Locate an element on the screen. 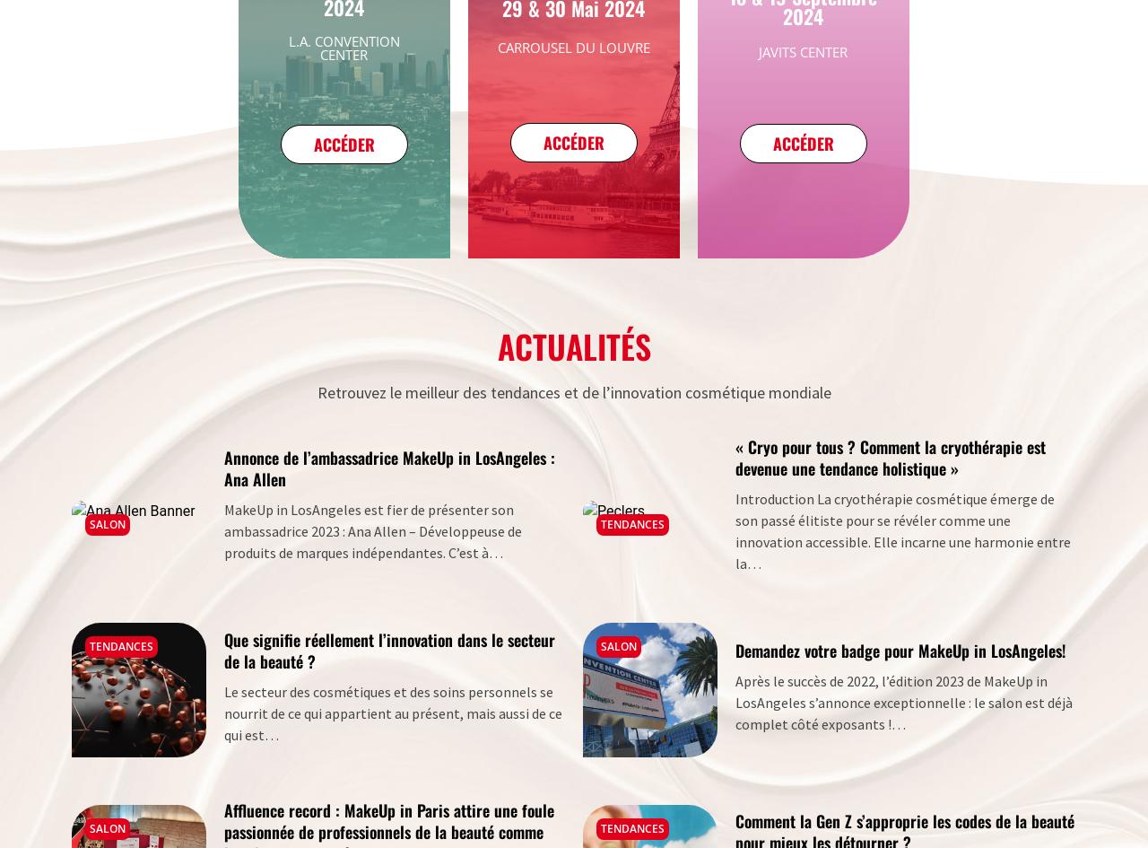  'Retrouvez le meilleur des tendances et de l’innovation cosmétique mondiale' is located at coordinates (572, 392).